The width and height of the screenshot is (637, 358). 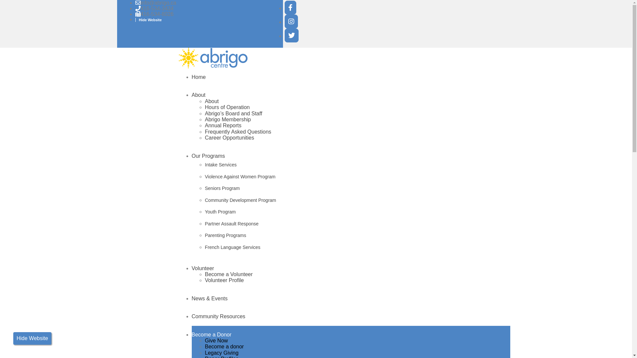 What do you see at coordinates (238, 132) in the screenshot?
I see `'Frequently Asked Questions'` at bounding box center [238, 132].